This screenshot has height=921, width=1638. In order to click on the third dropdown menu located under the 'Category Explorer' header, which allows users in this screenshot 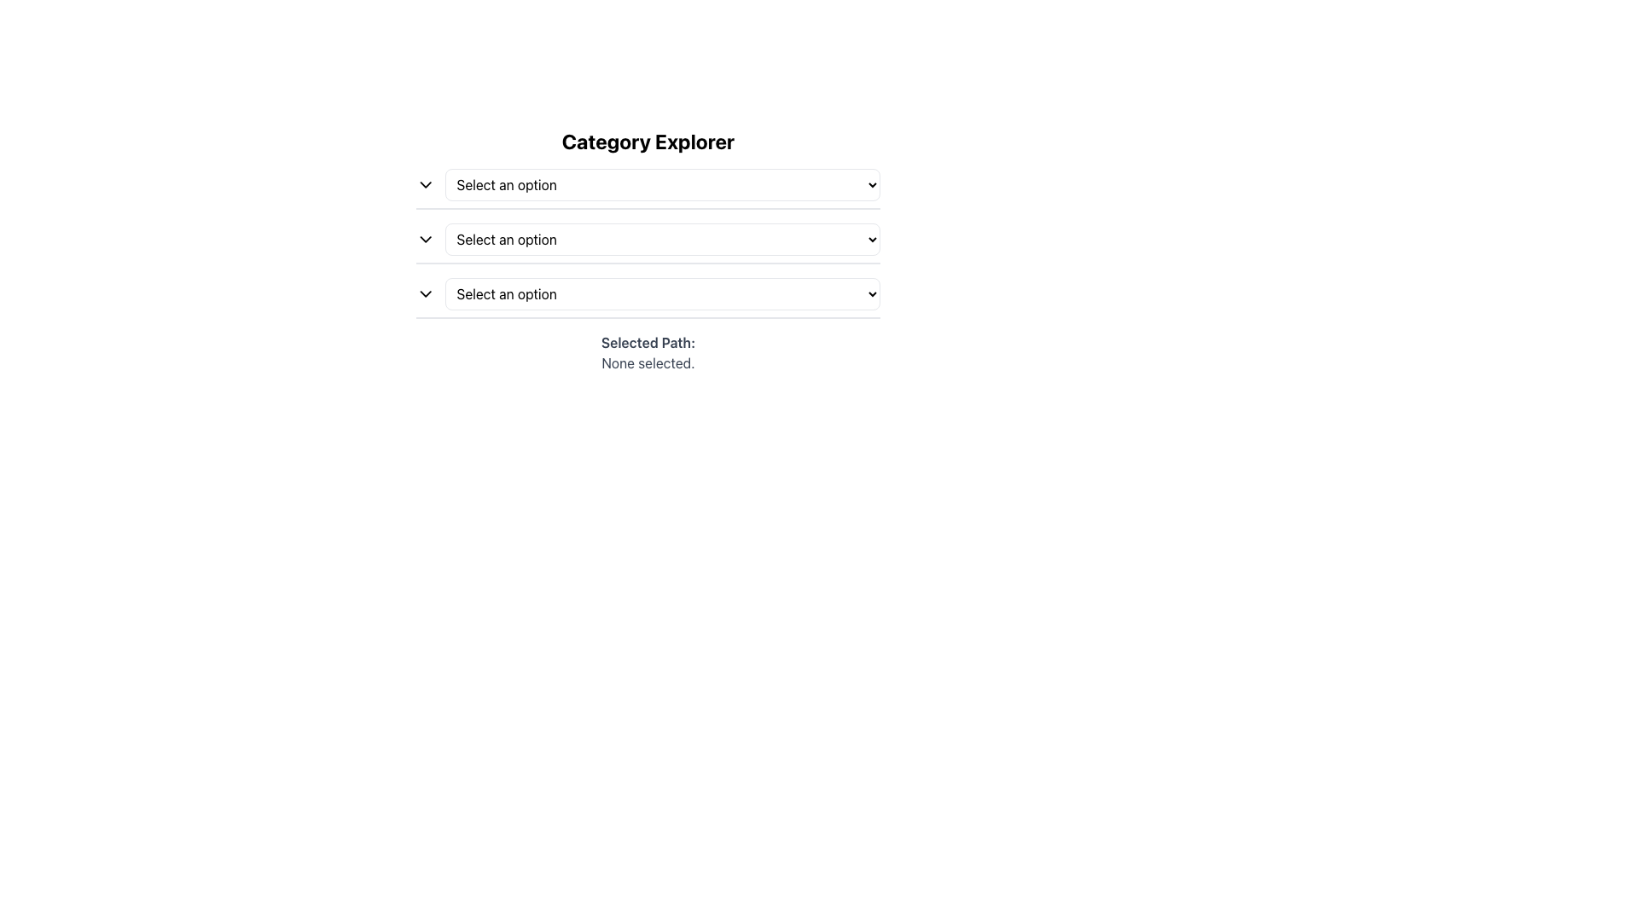, I will do `click(647, 298)`.